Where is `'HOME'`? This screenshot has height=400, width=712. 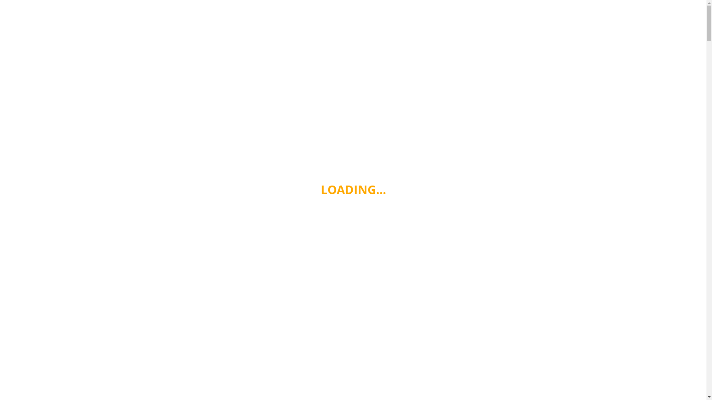
'HOME' is located at coordinates (296, 10).